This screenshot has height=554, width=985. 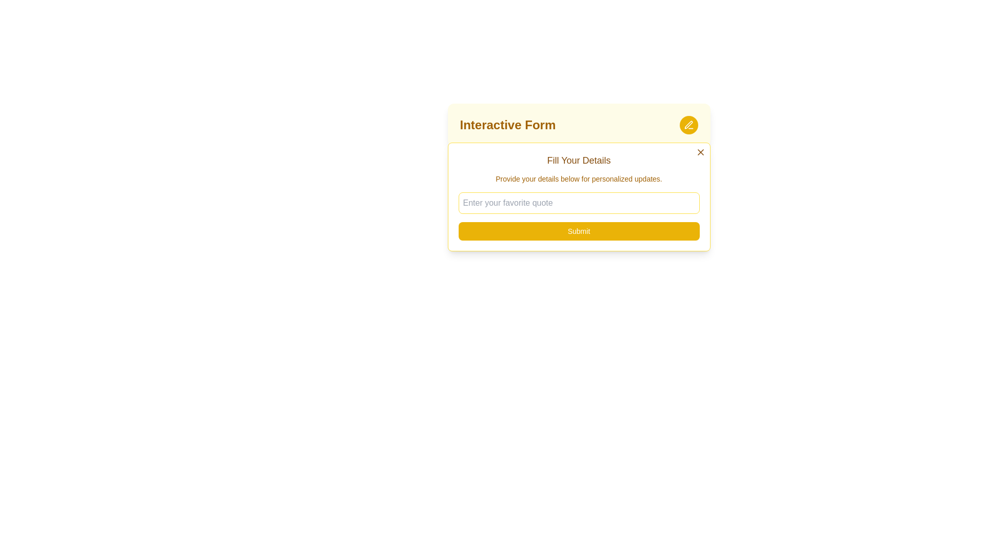 What do you see at coordinates (579, 215) in the screenshot?
I see `the 'Submit' button, which is a rectangular button with rounded corners, yellow background, and white text, located directly below the text input field labeled 'Enter your favorite quote'` at bounding box center [579, 215].